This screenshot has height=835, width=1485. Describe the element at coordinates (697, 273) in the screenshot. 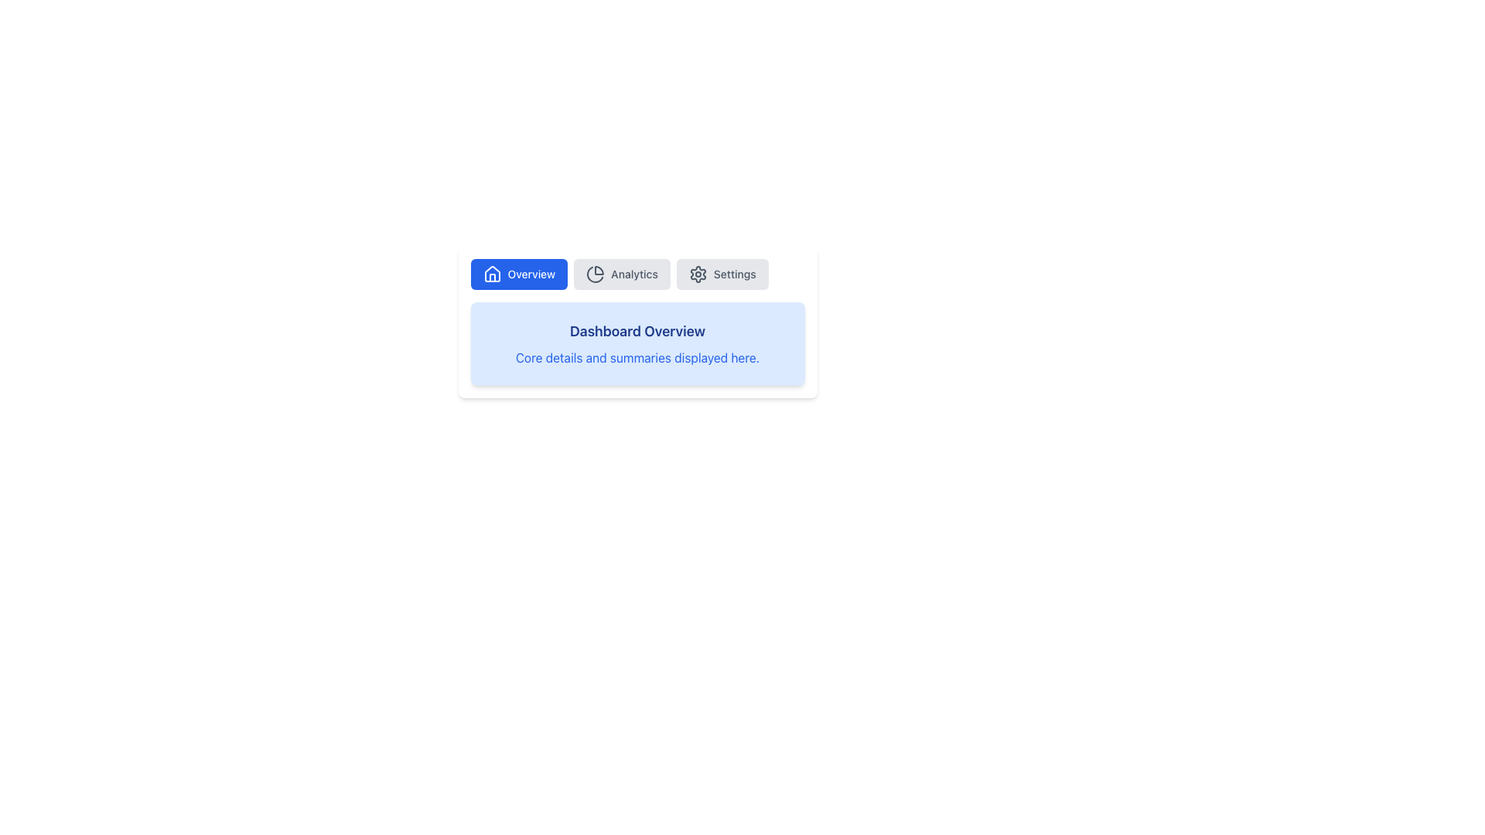

I see `the cogwheel icon in the 'Settings' button of the toolbar` at that location.